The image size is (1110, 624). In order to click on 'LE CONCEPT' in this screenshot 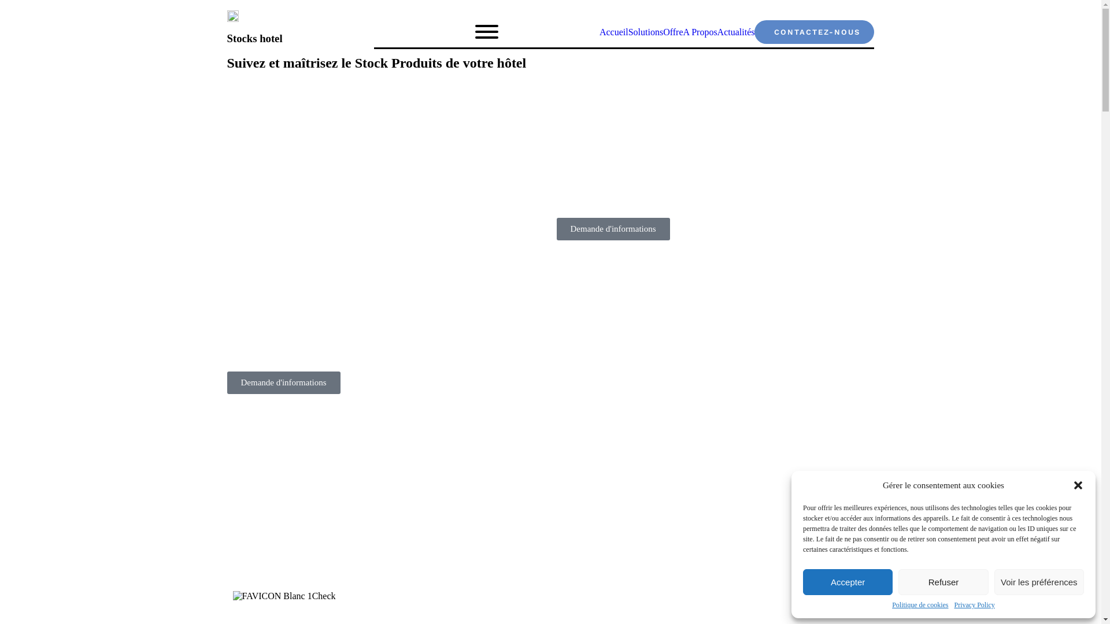, I will do `click(258, 618)`.